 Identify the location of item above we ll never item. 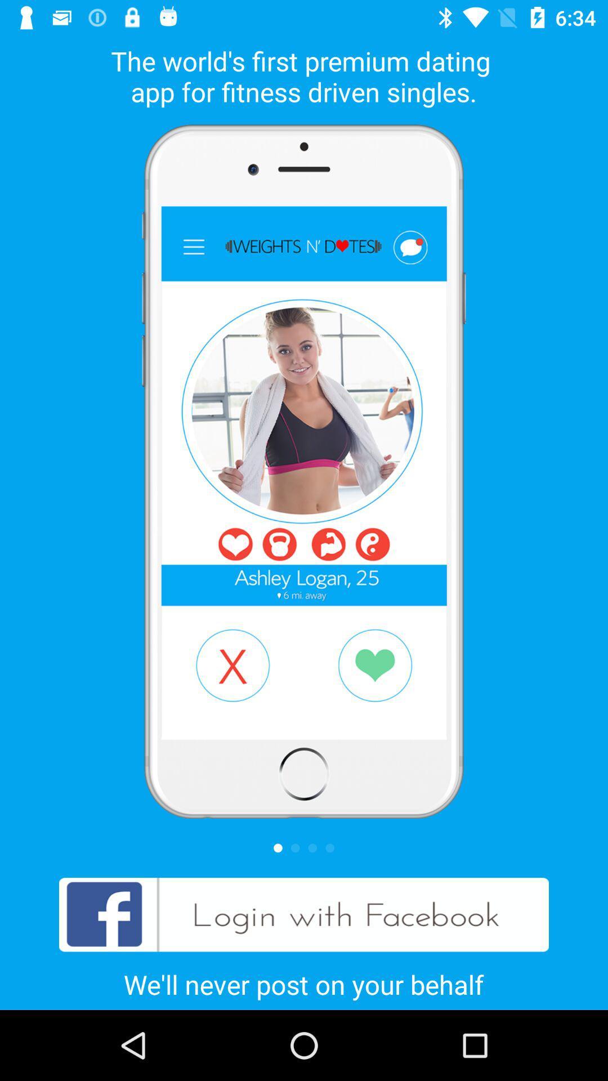
(304, 914).